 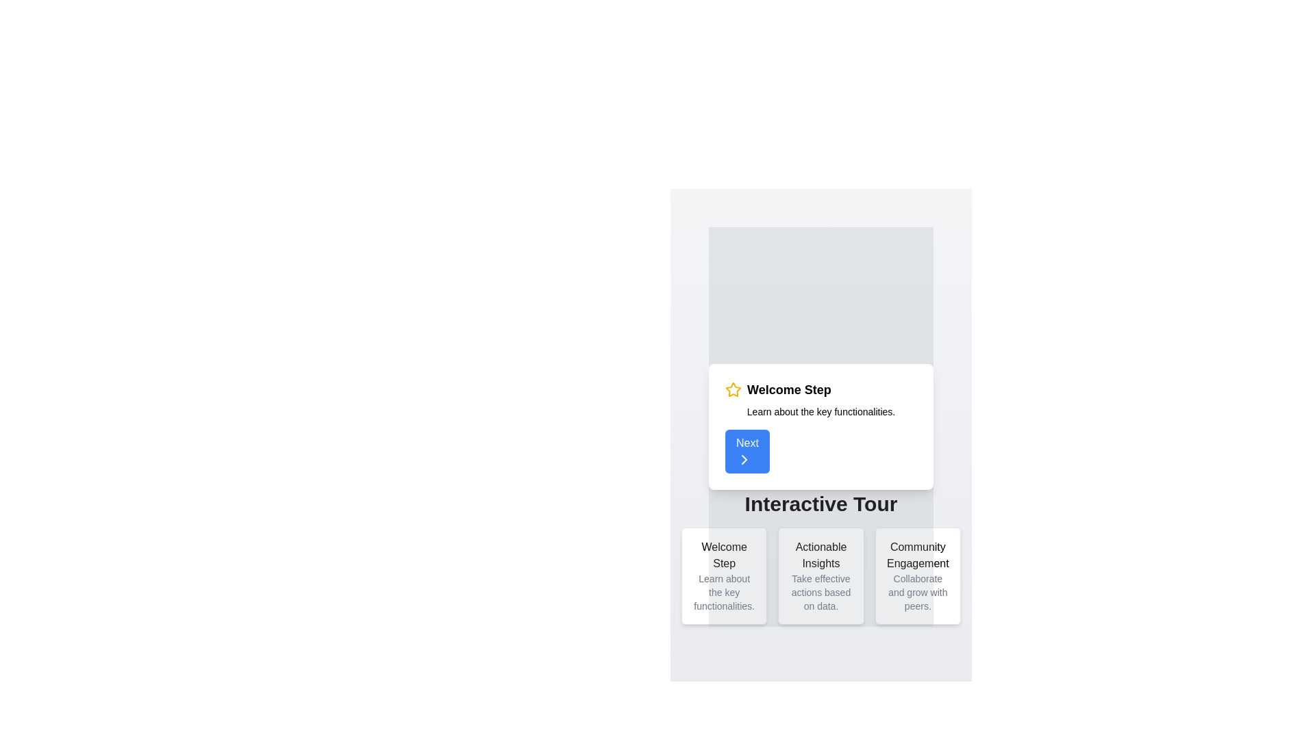 What do you see at coordinates (821, 575) in the screenshot?
I see `content displayed on the 'Actionable Insights' informational card, which is the middle card in a trio located at the bottom of the layout, directly below the 'Interactive Tour' heading` at bounding box center [821, 575].